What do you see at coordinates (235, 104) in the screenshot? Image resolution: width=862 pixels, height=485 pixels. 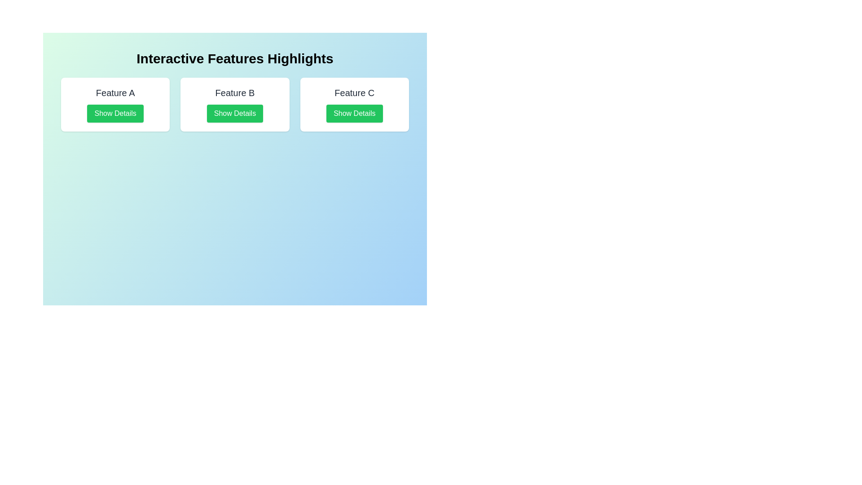 I see `the button labeled 'Show Details' on the Composite element that provides a description for 'Feature B'` at bounding box center [235, 104].